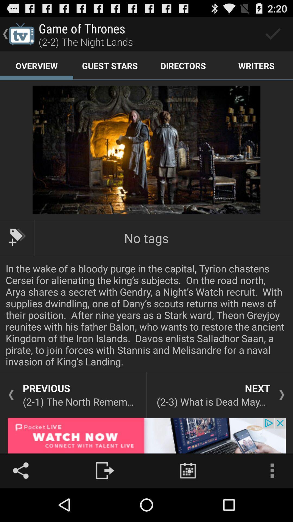  What do you see at coordinates (273, 34) in the screenshot?
I see `mark watched` at bounding box center [273, 34].